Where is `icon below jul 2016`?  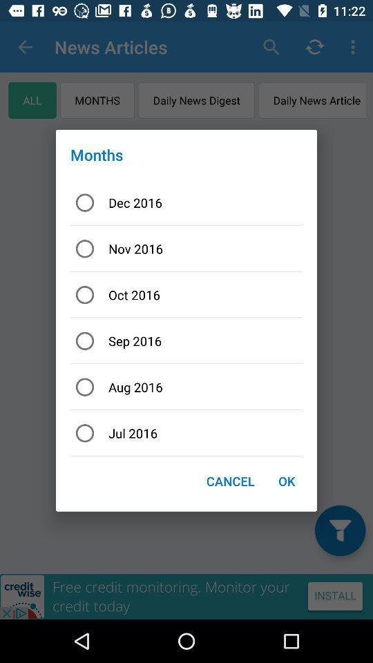
icon below jul 2016 is located at coordinates (230, 481).